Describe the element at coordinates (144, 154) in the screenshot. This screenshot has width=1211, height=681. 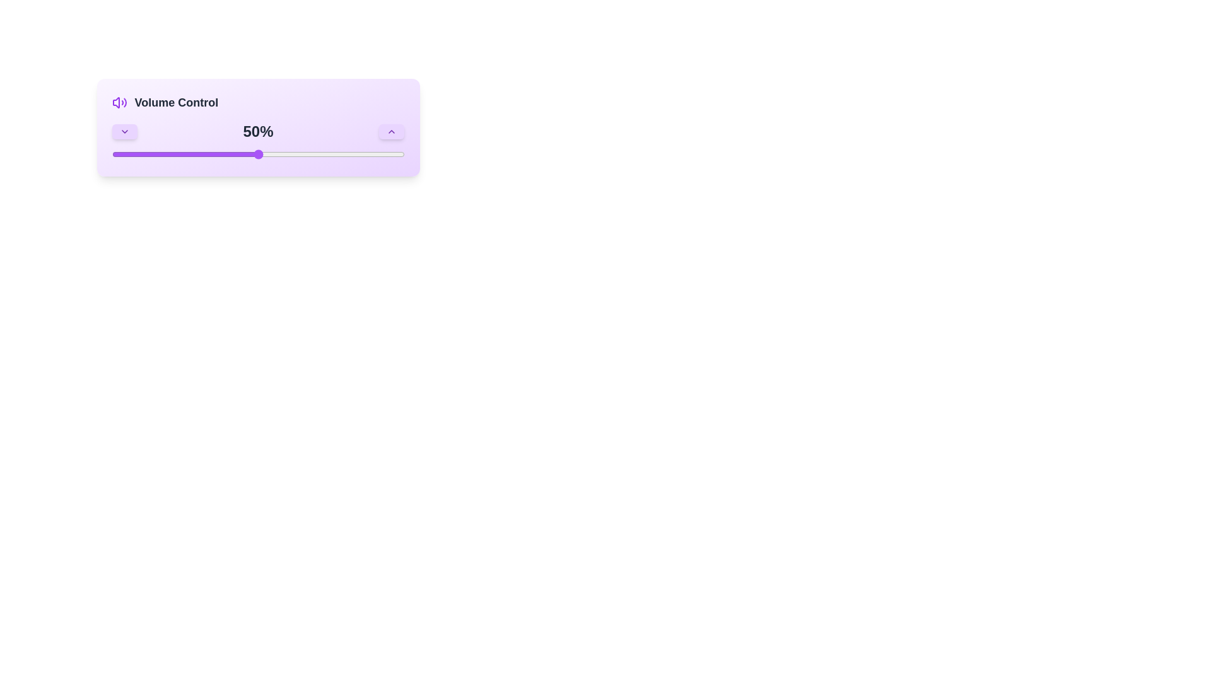
I see `the volume slider` at that location.